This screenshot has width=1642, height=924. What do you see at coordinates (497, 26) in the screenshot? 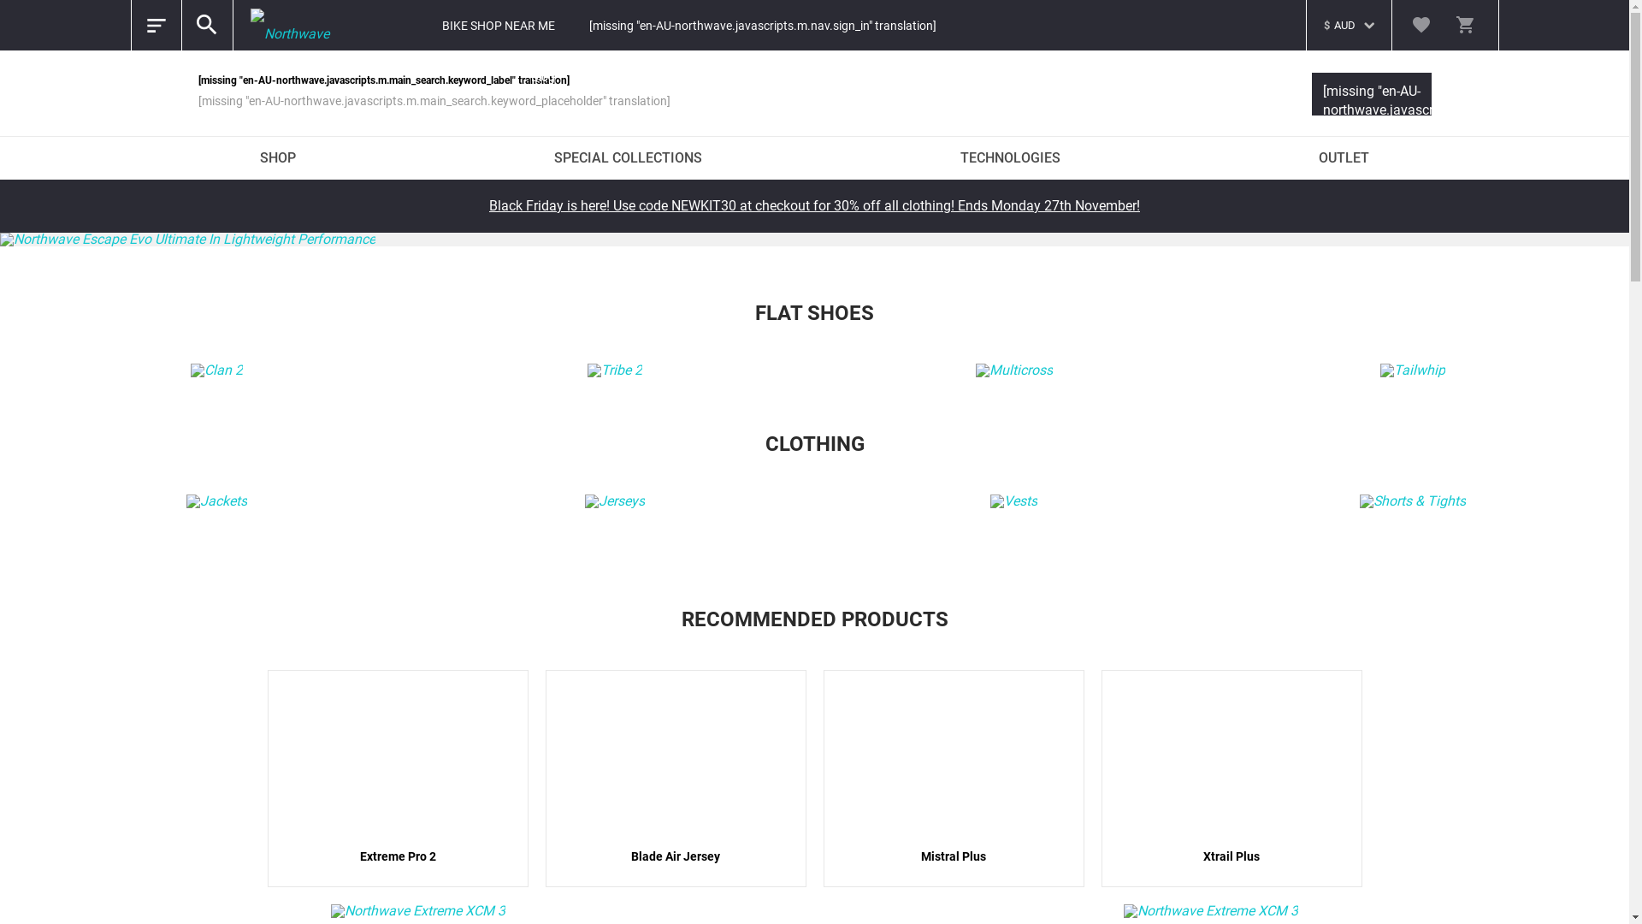
I see `'BIKE SHOP NEAR ME'` at bounding box center [497, 26].